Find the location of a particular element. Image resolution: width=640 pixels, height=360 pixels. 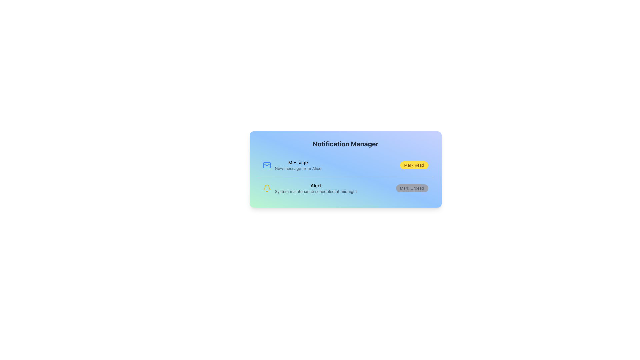

the small envelope-shaped SVG icon with a blue outline located to the left of the 'New message from Alice' notification text is located at coordinates (267, 165).